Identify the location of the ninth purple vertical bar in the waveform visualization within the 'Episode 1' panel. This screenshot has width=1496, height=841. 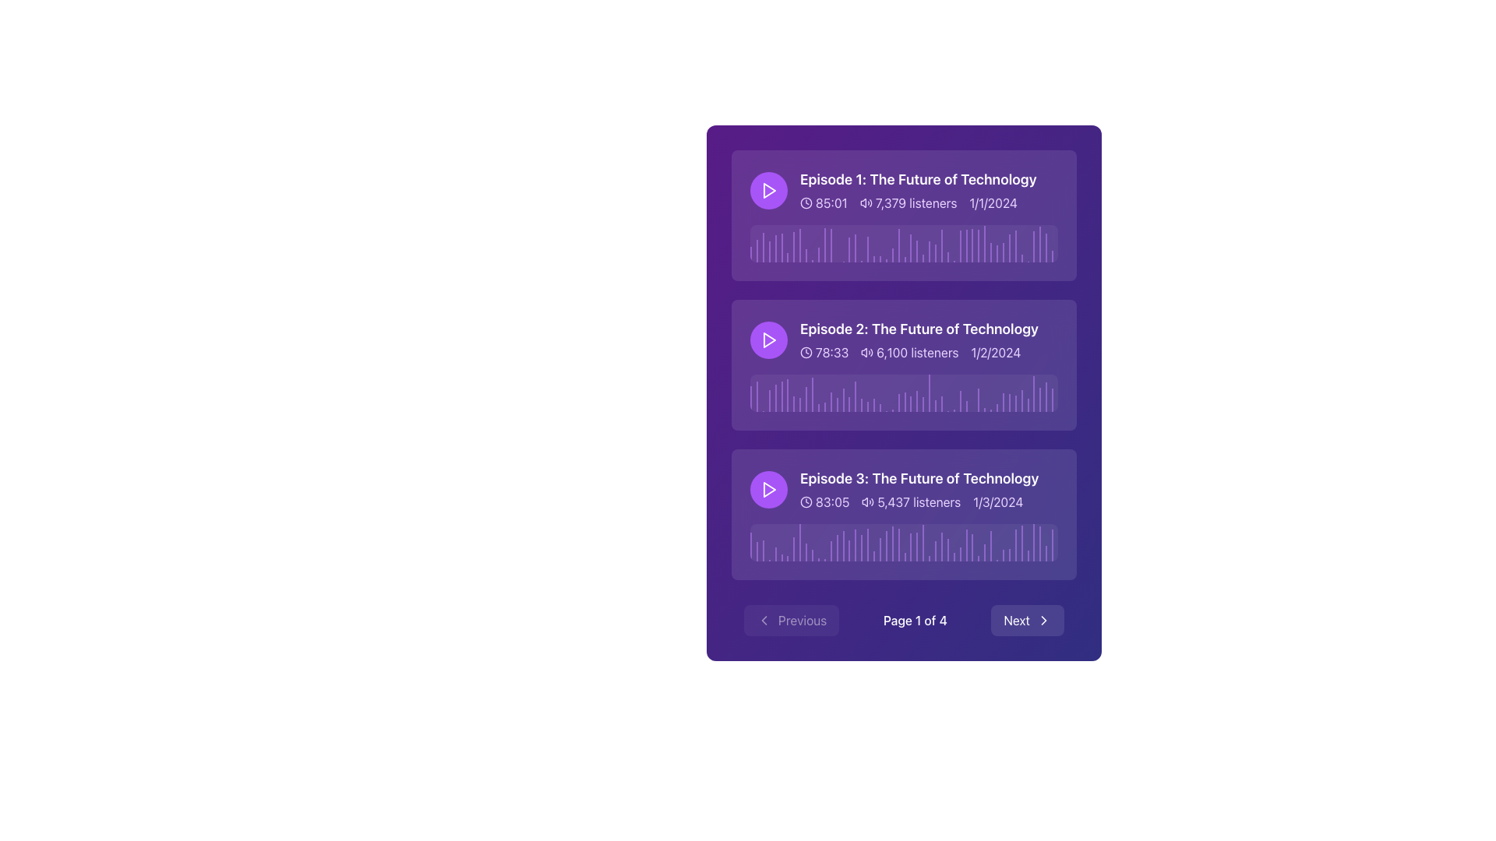
(800, 245).